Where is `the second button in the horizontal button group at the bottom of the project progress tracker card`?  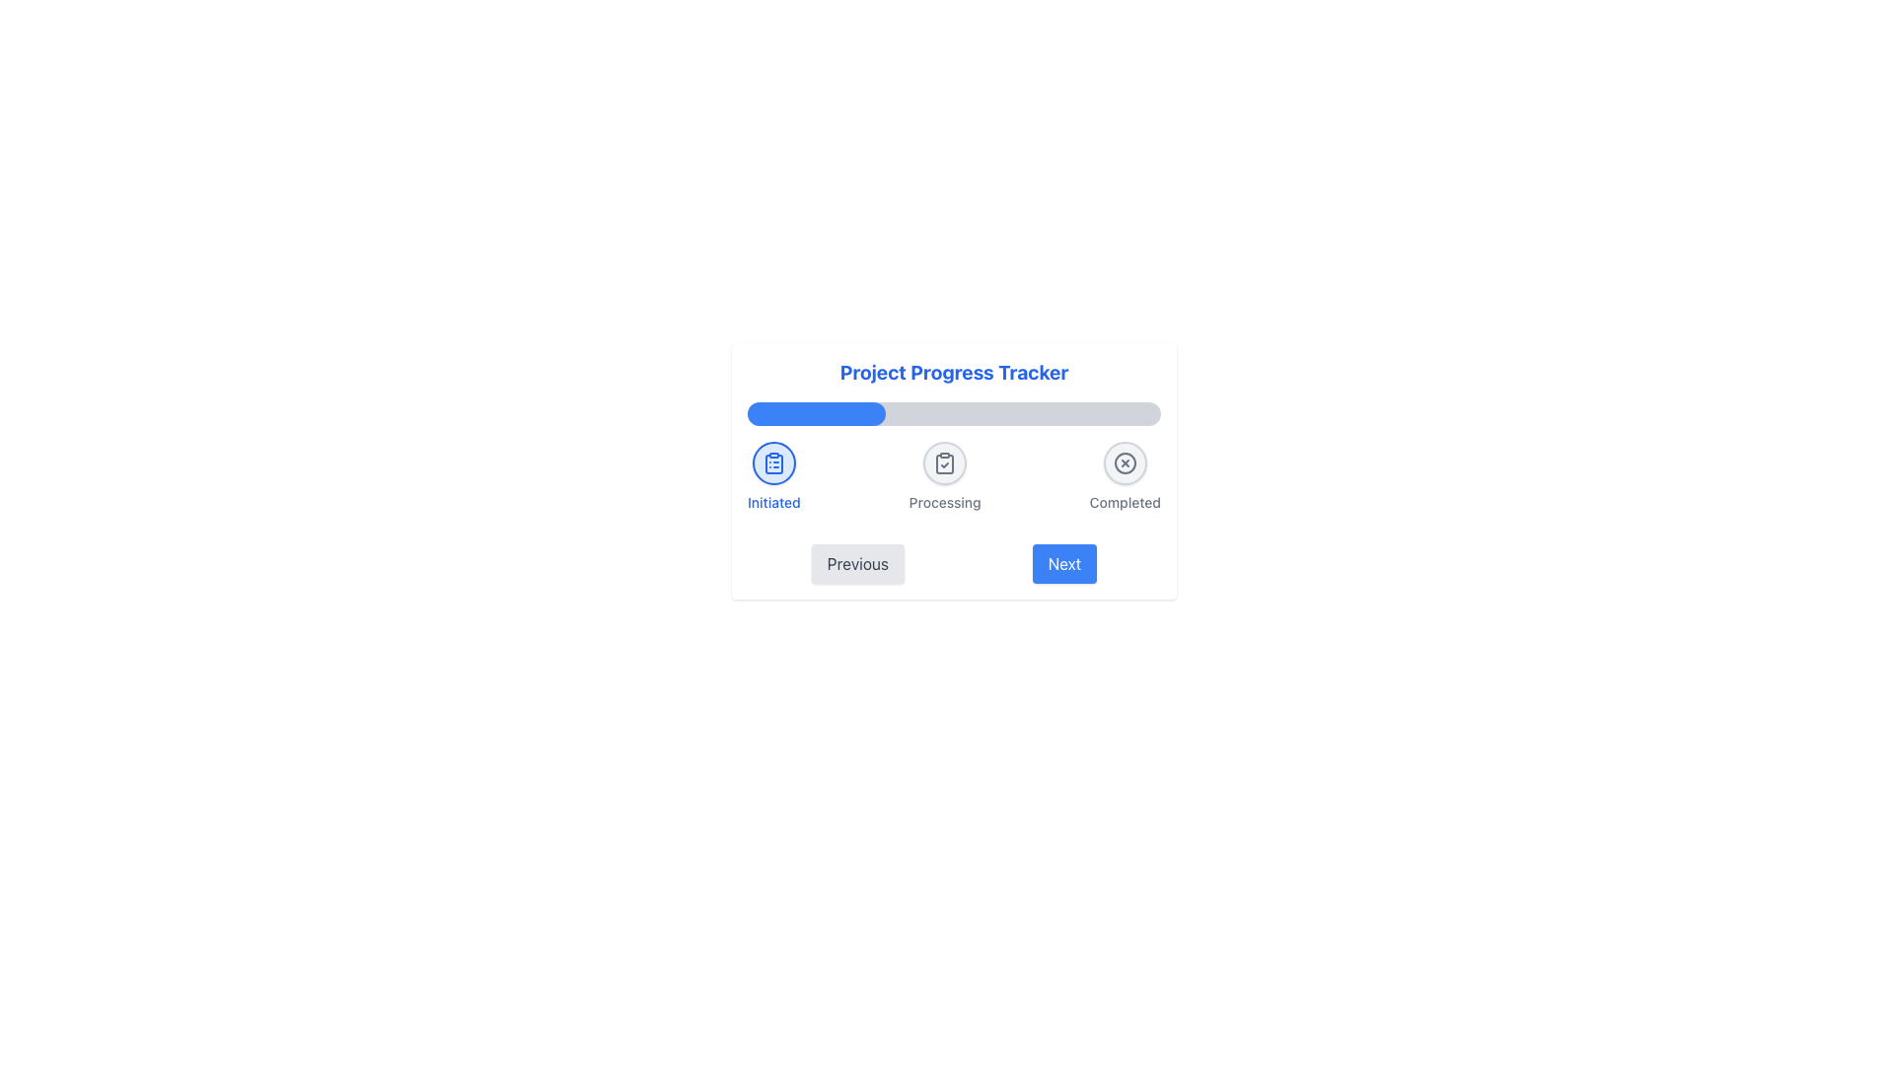 the second button in the horizontal button group at the bottom of the project progress tracker card is located at coordinates (1063, 563).